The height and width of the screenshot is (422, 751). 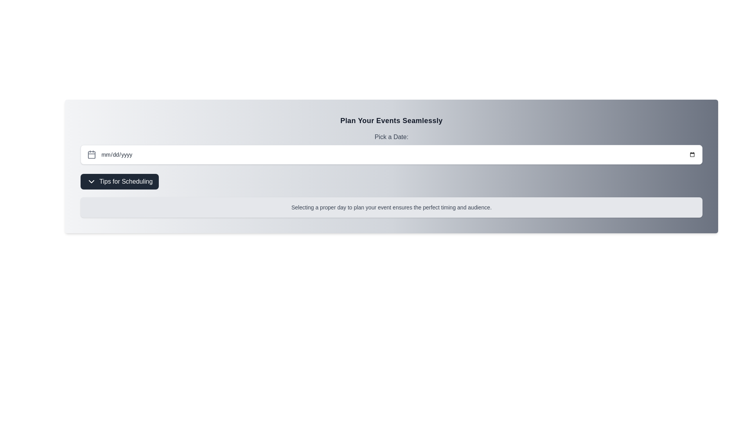 I want to click on the toggle button located below the 'Pick a Date:' section, so click(x=119, y=182).